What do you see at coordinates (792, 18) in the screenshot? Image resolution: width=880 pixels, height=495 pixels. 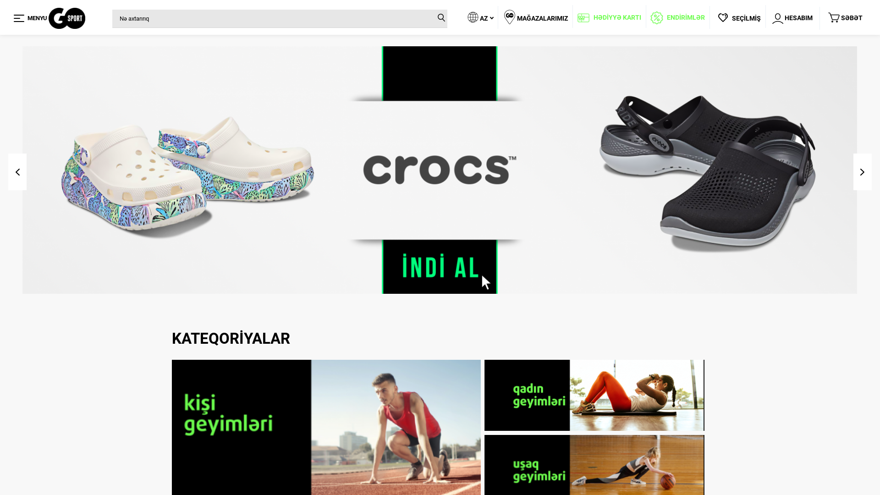 I see `'HESABIM'` at bounding box center [792, 18].